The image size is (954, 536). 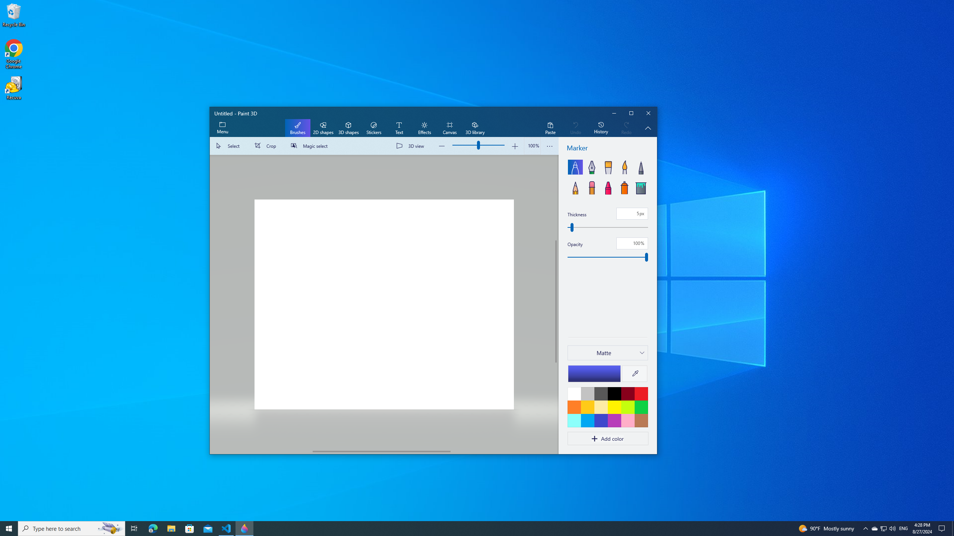 I want to click on 'Crop', so click(x=267, y=146).